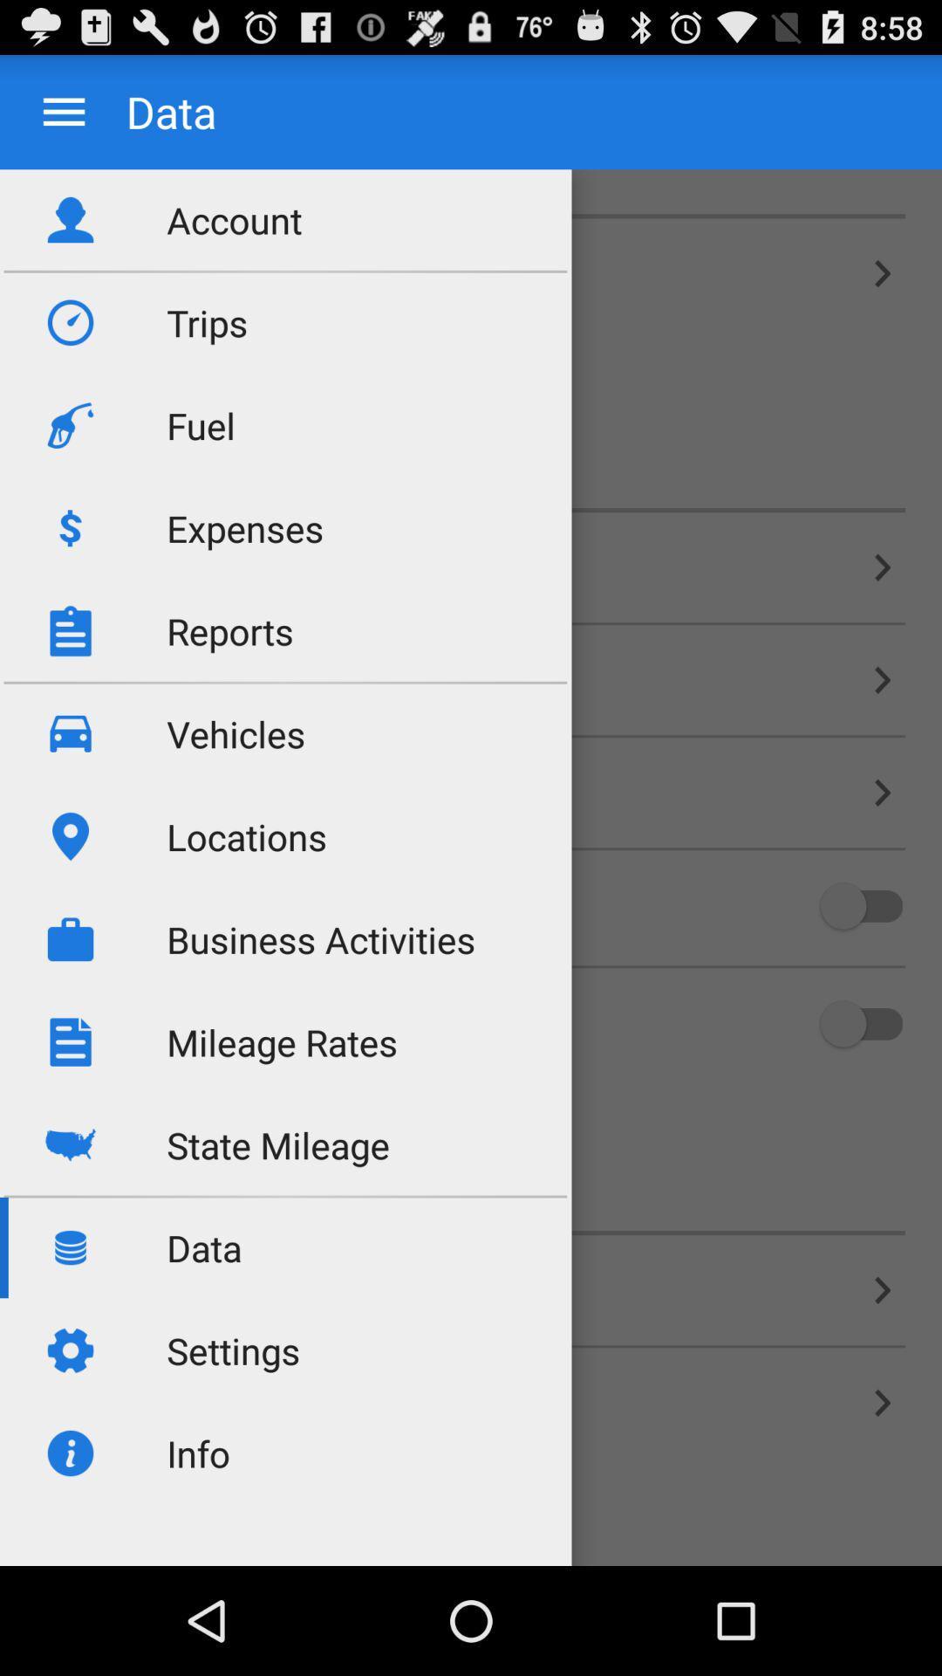  I want to click on the menu icon, so click(63, 119).